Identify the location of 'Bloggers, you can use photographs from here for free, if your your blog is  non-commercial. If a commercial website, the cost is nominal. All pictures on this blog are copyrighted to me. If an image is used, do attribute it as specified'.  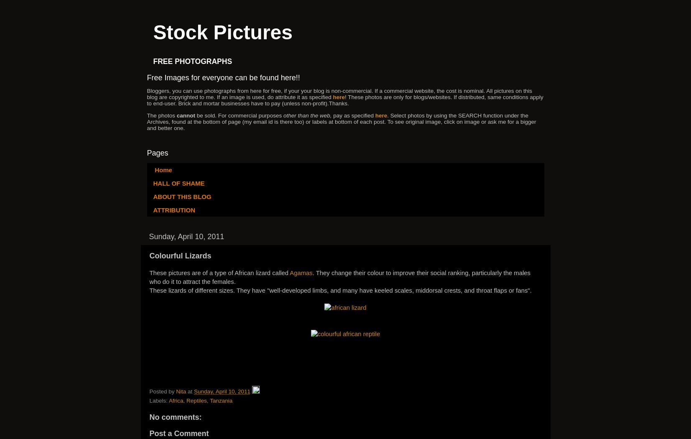
(339, 94).